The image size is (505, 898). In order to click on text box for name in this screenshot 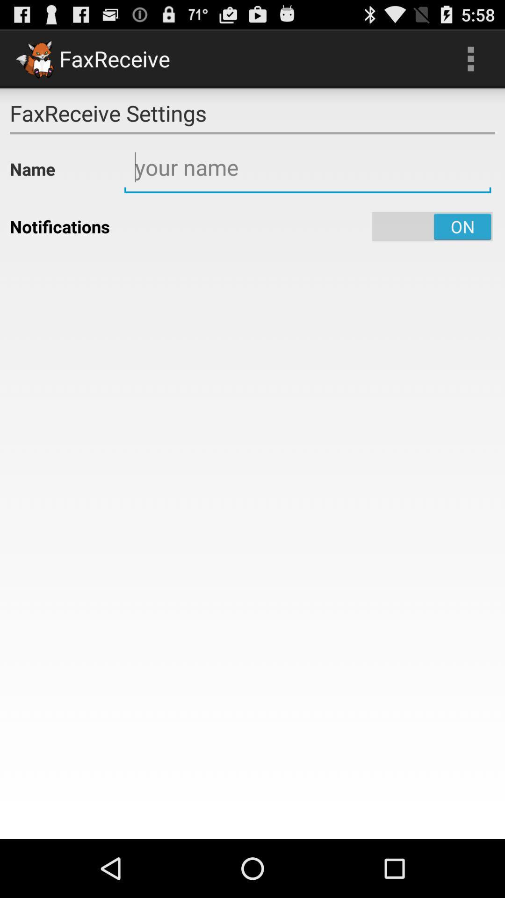, I will do `click(308, 167)`.